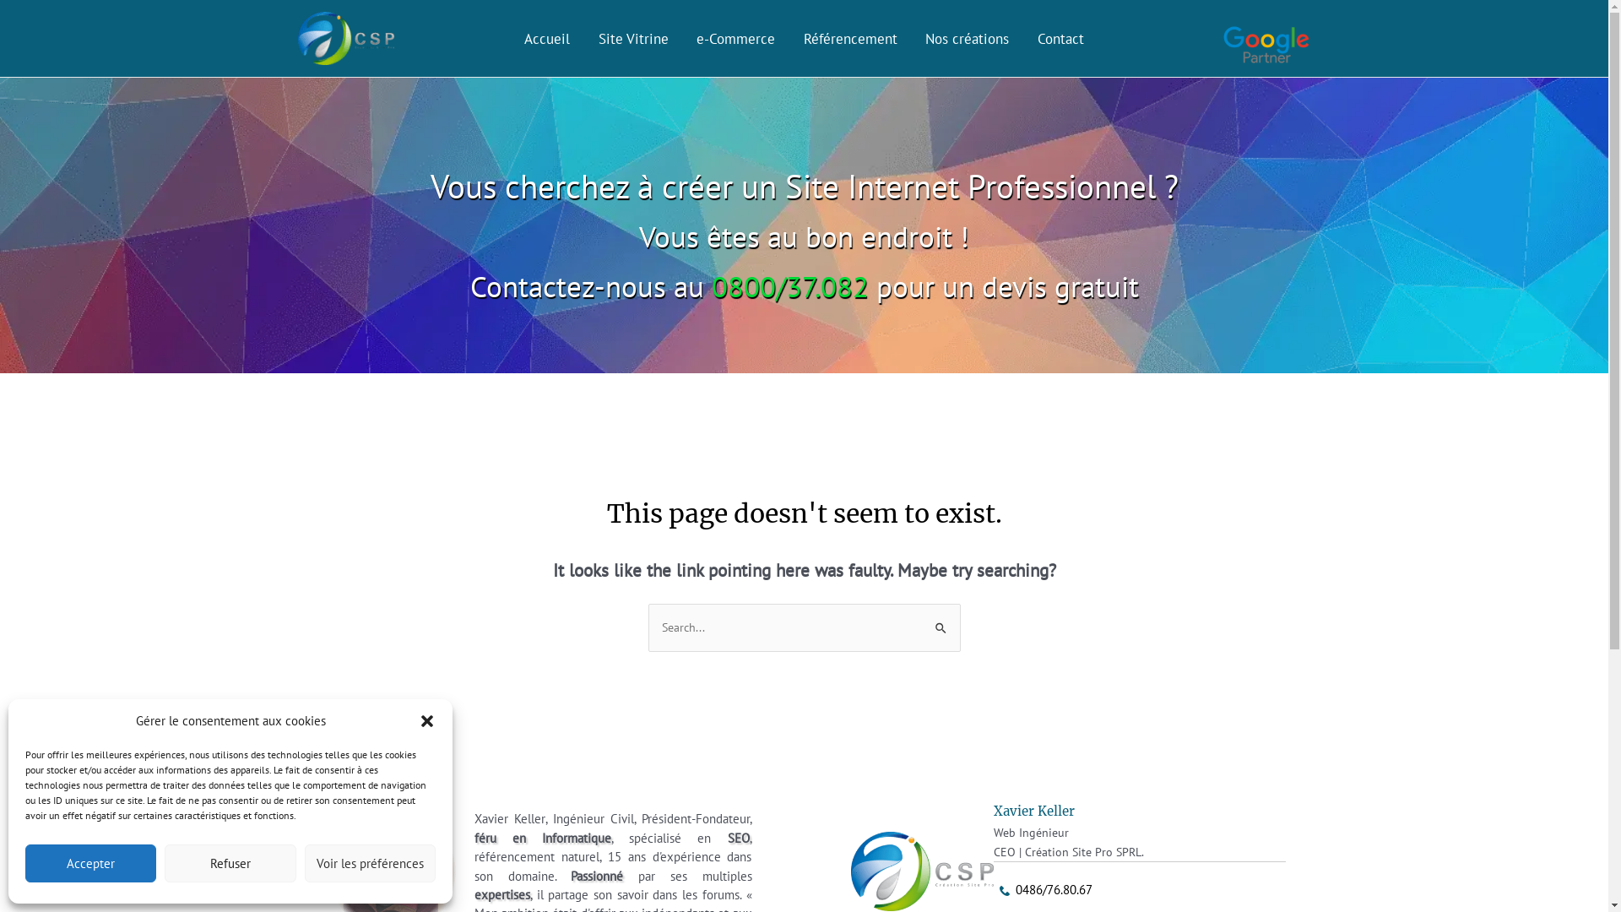 The width and height of the screenshot is (1621, 912). What do you see at coordinates (583, 38) in the screenshot?
I see `'Site Vitrine'` at bounding box center [583, 38].